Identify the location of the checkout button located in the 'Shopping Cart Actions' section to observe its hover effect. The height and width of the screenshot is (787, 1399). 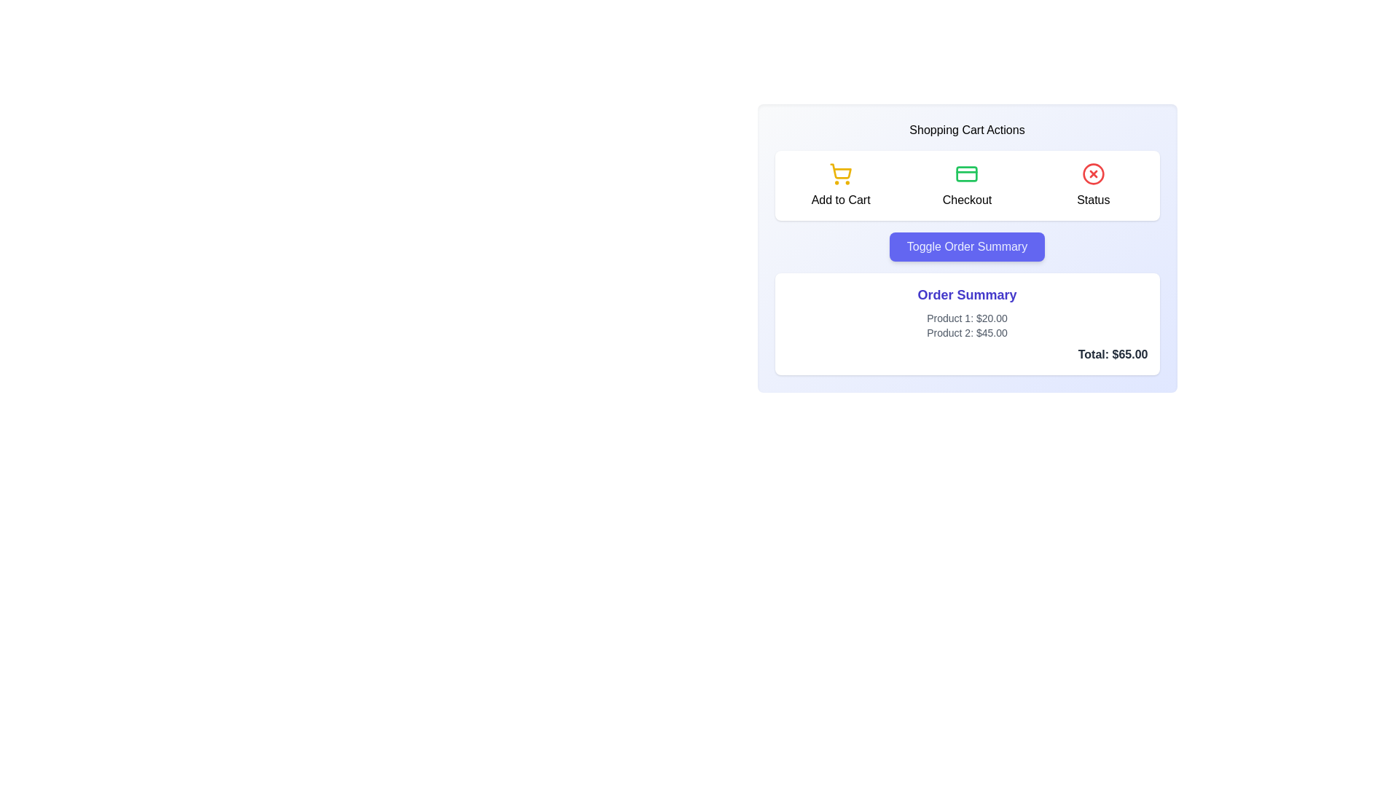
(967, 184).